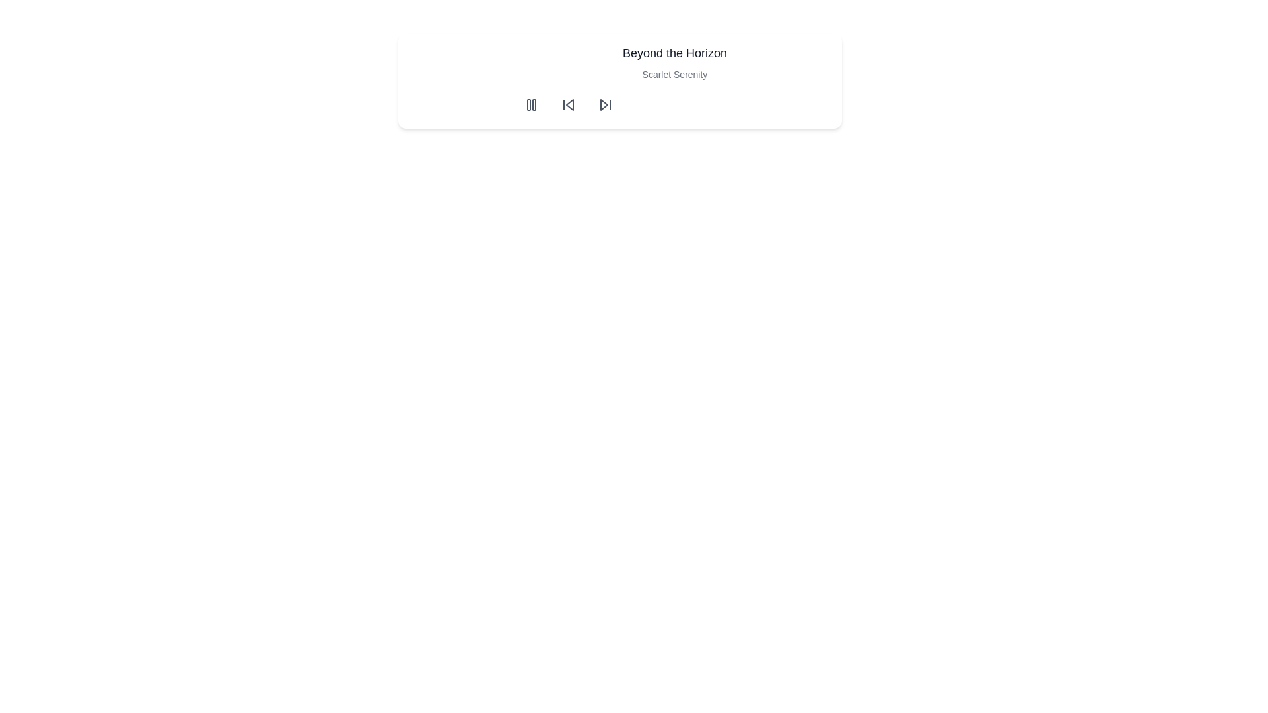  What do you see at coordinates (568, 104) in the screenshot?
I see `the skip-back icon button located in the middle of the media player interface` at bounding box center [568, 104].